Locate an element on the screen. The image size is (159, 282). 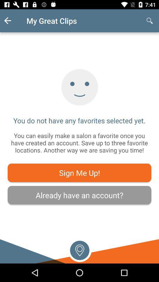
icon above already have an item is located at coordinates (79, 173).